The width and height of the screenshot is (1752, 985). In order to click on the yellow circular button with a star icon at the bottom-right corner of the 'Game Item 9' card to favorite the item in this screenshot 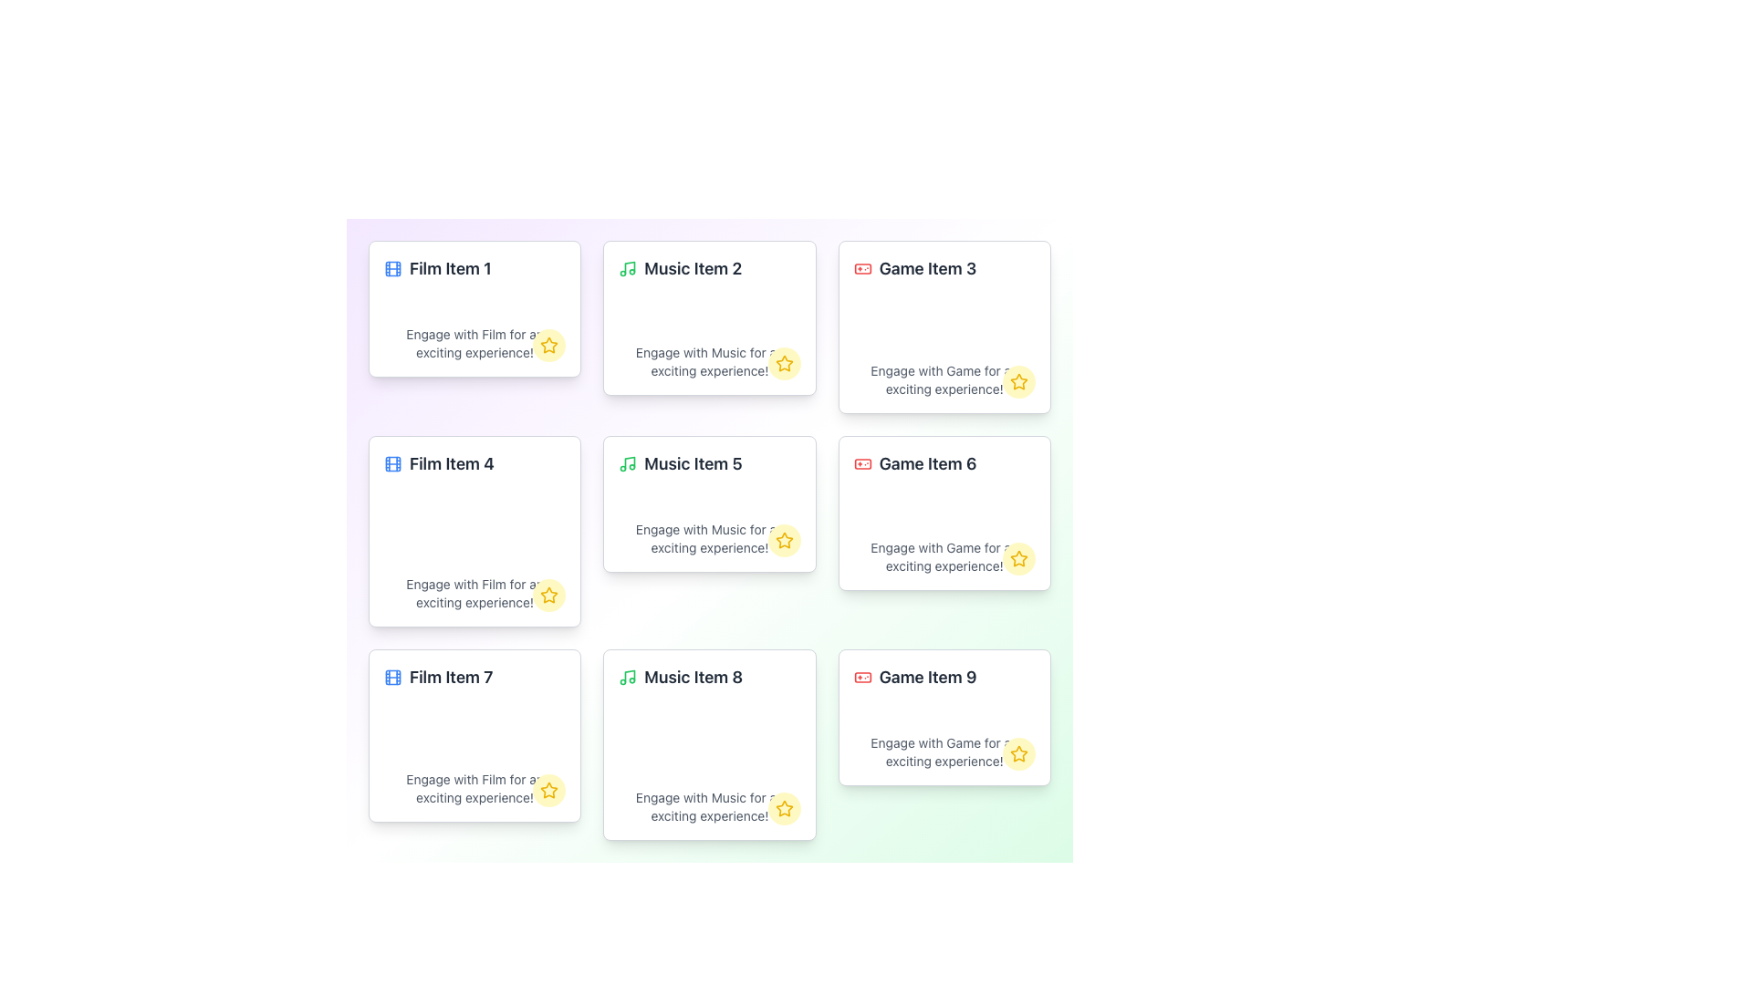, I will do `click(1018, 753)`.